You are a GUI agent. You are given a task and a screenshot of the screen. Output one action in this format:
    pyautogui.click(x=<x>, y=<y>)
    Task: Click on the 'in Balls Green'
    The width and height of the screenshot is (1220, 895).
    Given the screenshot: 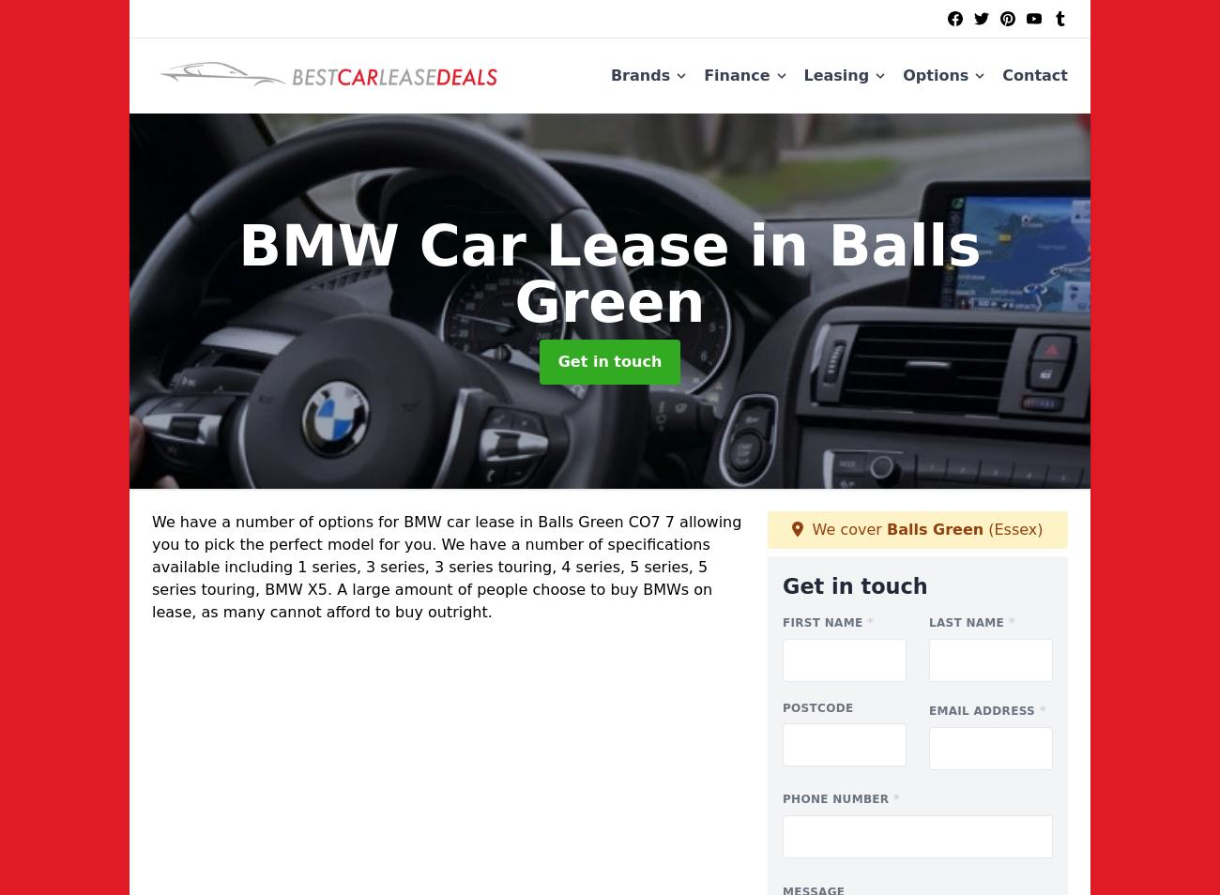 What is the action you would take?
    pyautogui.click(x=746, y=272)
    